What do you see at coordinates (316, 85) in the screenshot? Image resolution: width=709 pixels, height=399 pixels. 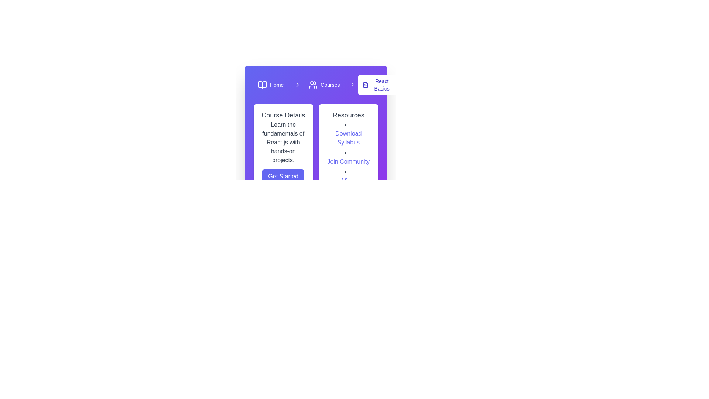 I see `the Breadcrumb navigation bar displaying 'Home > Courses > React Basics' at the top-left of the interface` at bounding box center [316, 85].